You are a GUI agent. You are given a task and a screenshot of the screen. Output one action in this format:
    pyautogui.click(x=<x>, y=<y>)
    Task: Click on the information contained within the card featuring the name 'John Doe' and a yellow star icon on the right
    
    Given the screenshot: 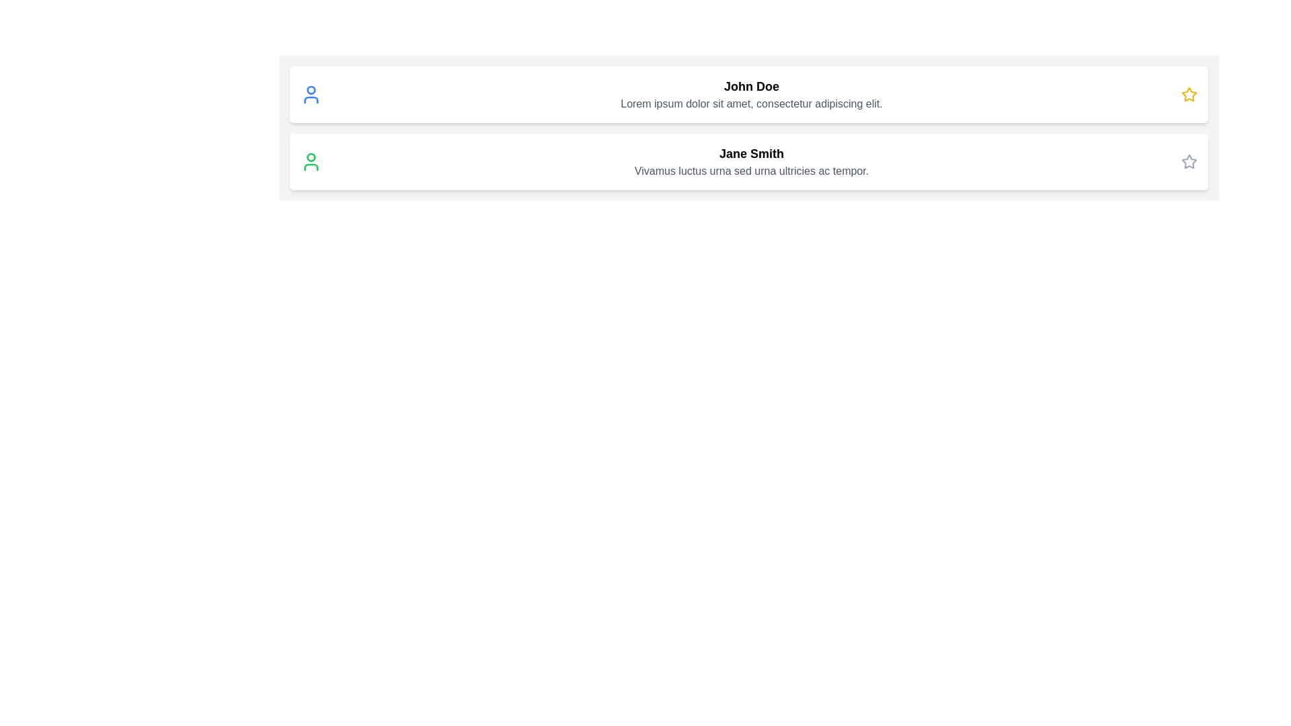 What is the action you would take?
    pyautogui.click(x=748, y=94)
    